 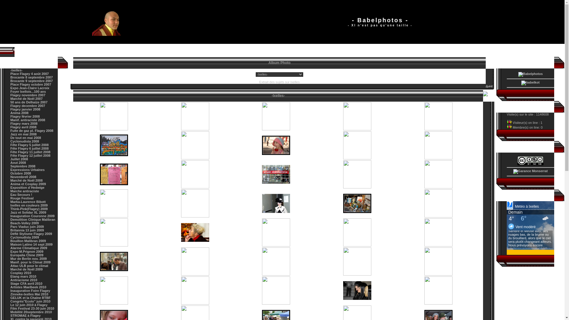 What do you see at coordinates (32, 216) in the screenshot?
I see `'Inauguration Couronne 2009'` at bounding box center [32, 216].